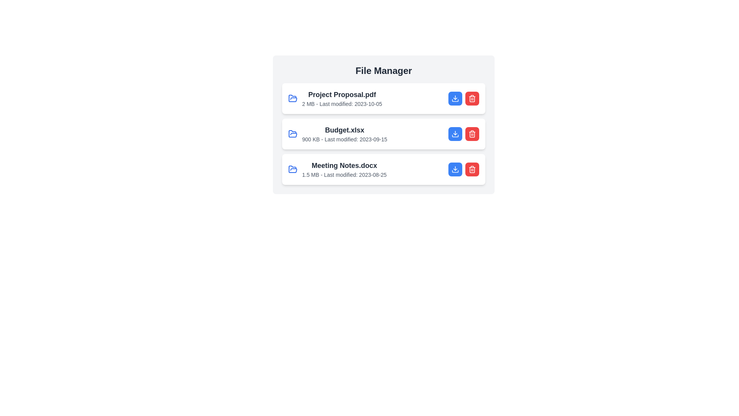 The image size is (739, 416). What do you see at coordinates (341, 94) in the screenshot?
I see `the file name 'Project Proposal.pdf' to view its details` at bounding box center [341, 94].